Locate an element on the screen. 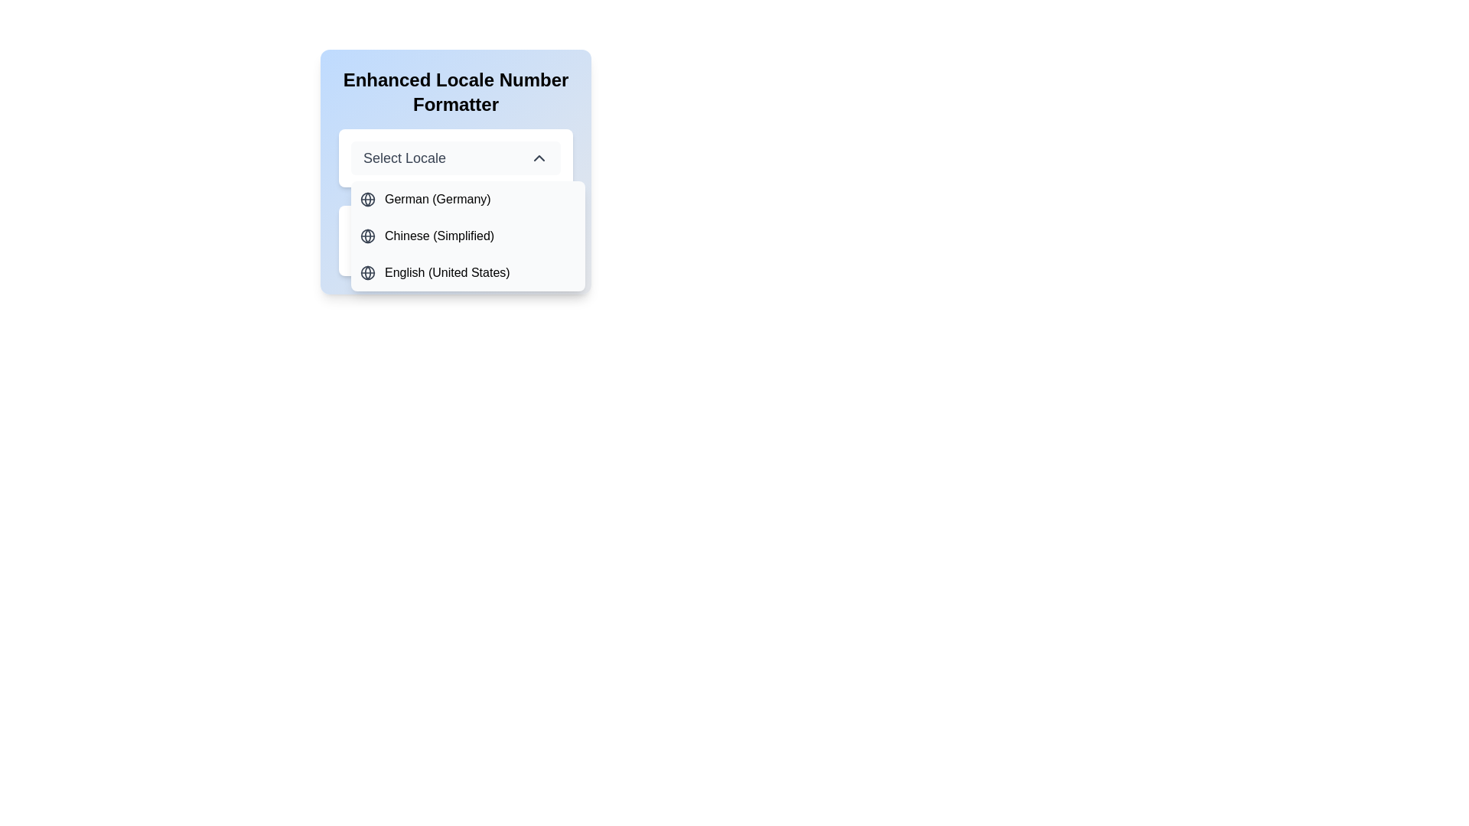 This screenshot has width=1469, height=826. the globe icon representing the language option 'English (United States)' in the dropdown menu is located at coordinates (367, 272).